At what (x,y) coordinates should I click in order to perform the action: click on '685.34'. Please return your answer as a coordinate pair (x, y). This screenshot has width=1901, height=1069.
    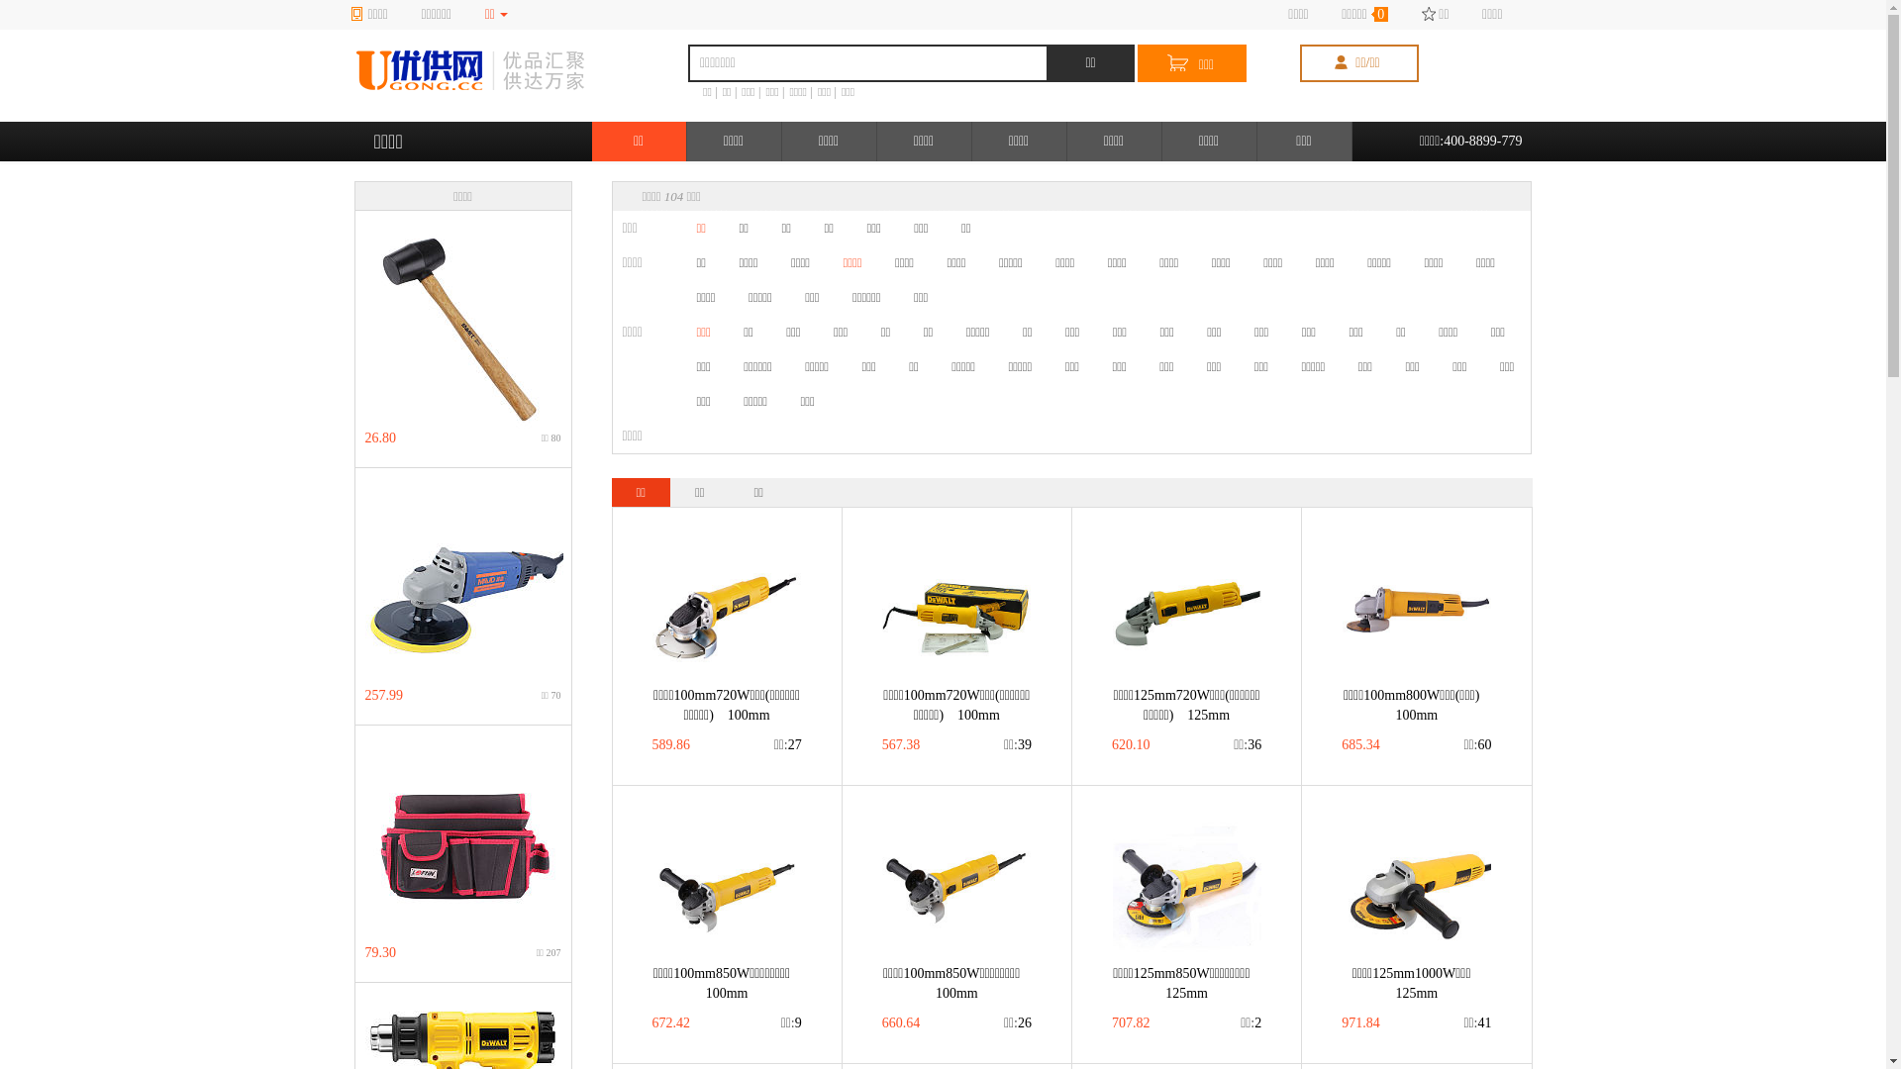
    Looking at the image, I should click on (1341, 744).